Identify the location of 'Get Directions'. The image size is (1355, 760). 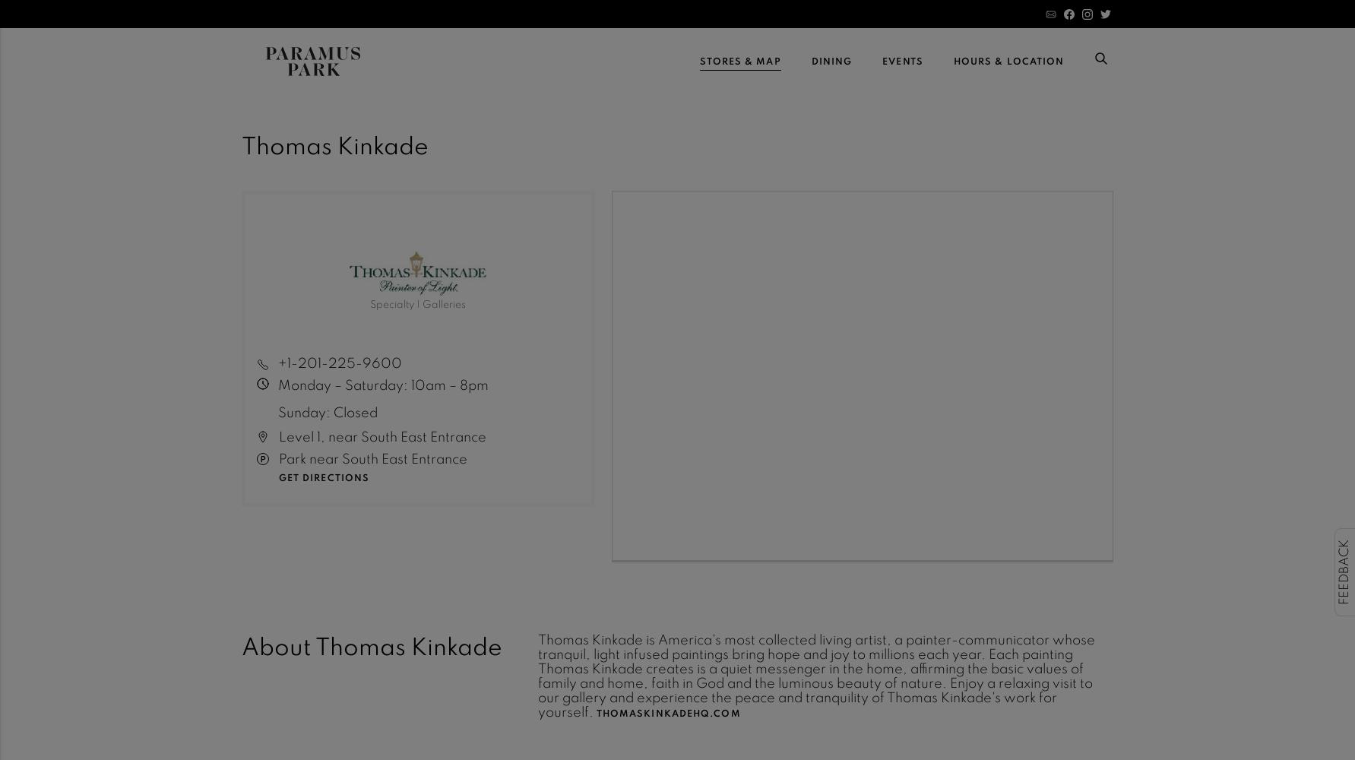
(277, 479).